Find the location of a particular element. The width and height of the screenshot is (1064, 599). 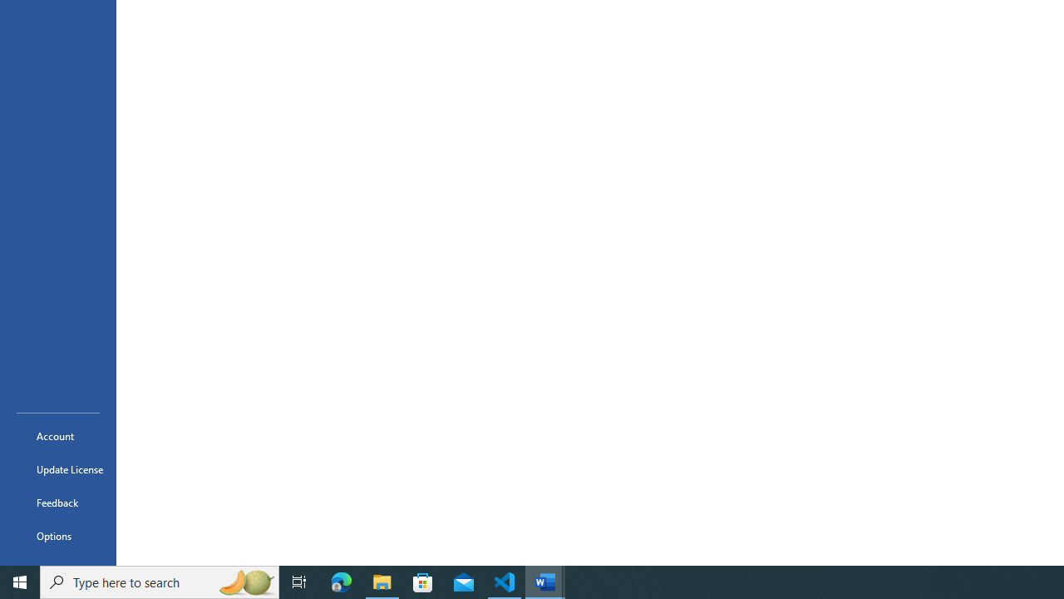

'Feedback' is located at coordinates (57, 502).